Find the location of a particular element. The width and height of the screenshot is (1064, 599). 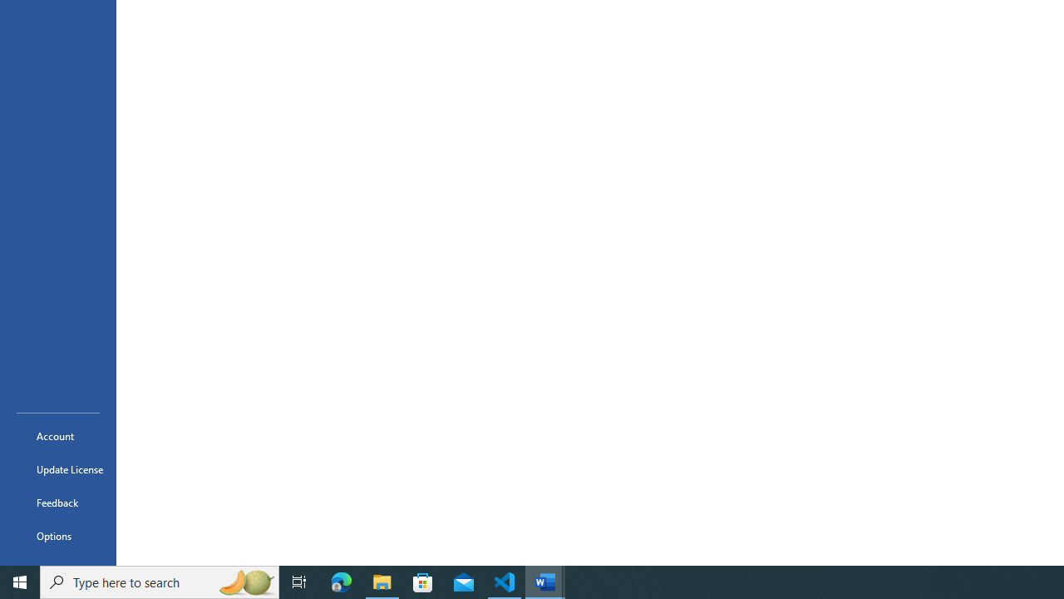

'Feedback' is located at coordinates (57, 502).